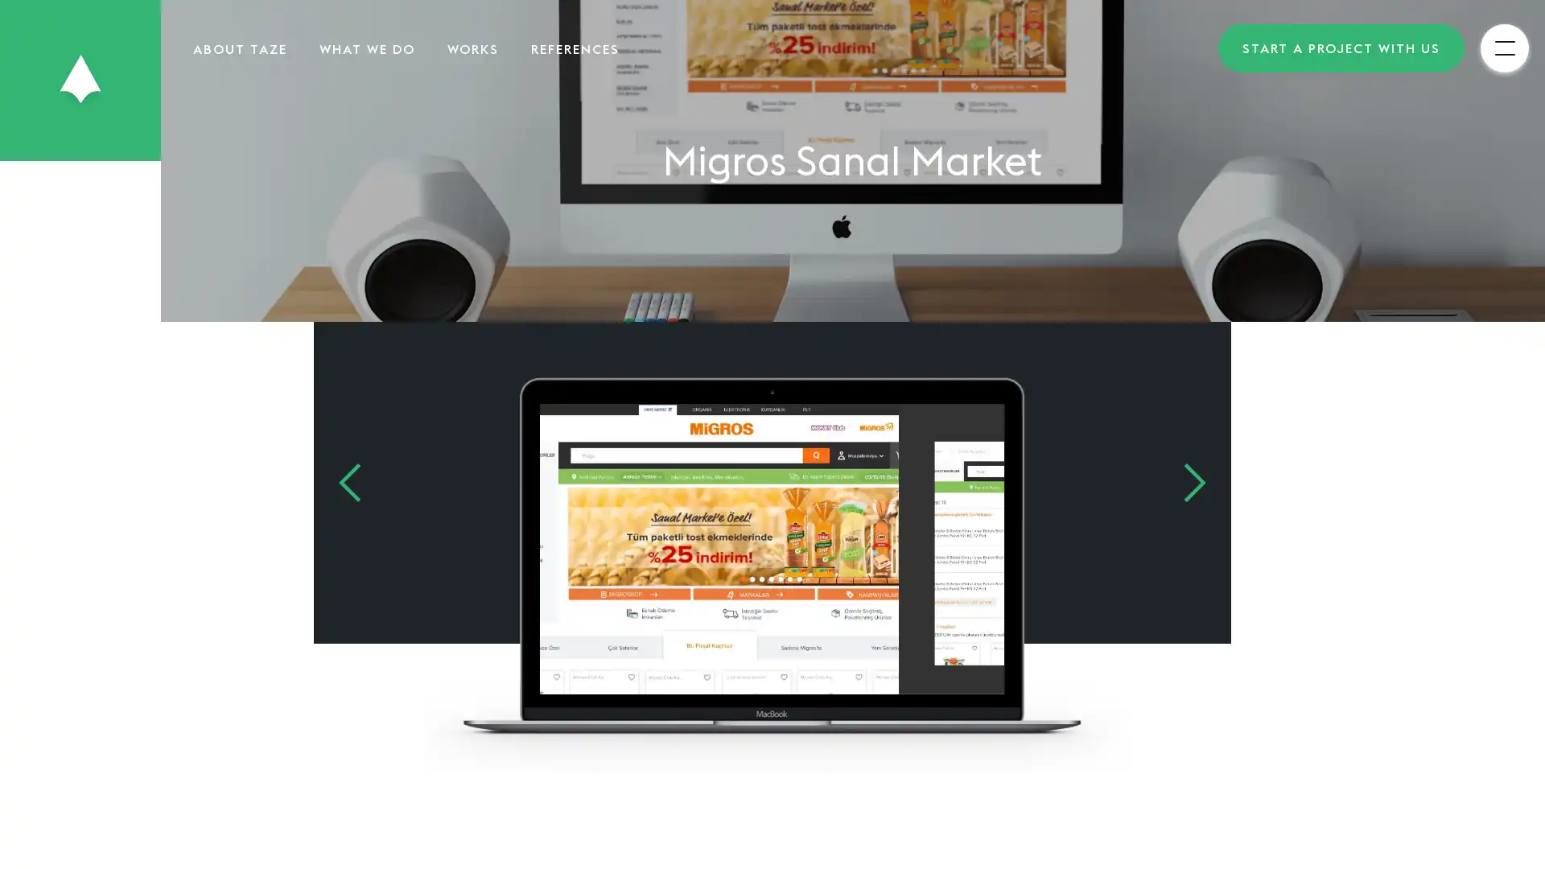 The width and height of the screenshot is (1545, 869). I want to click on Next, so click(1194, 482).